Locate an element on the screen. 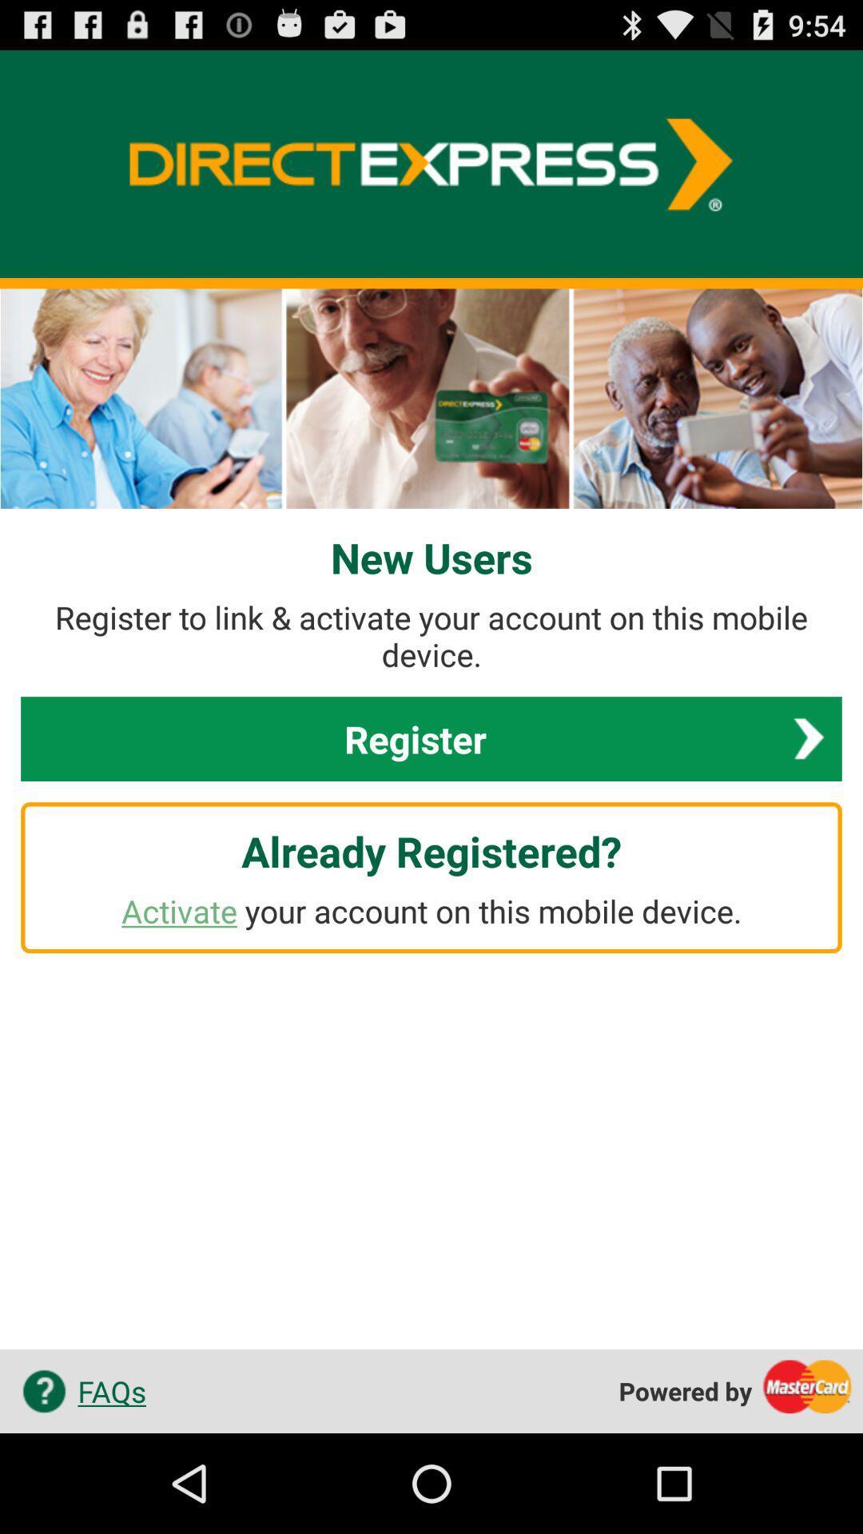  the icon below the activate your account app is located at coordinates (78, 1390).